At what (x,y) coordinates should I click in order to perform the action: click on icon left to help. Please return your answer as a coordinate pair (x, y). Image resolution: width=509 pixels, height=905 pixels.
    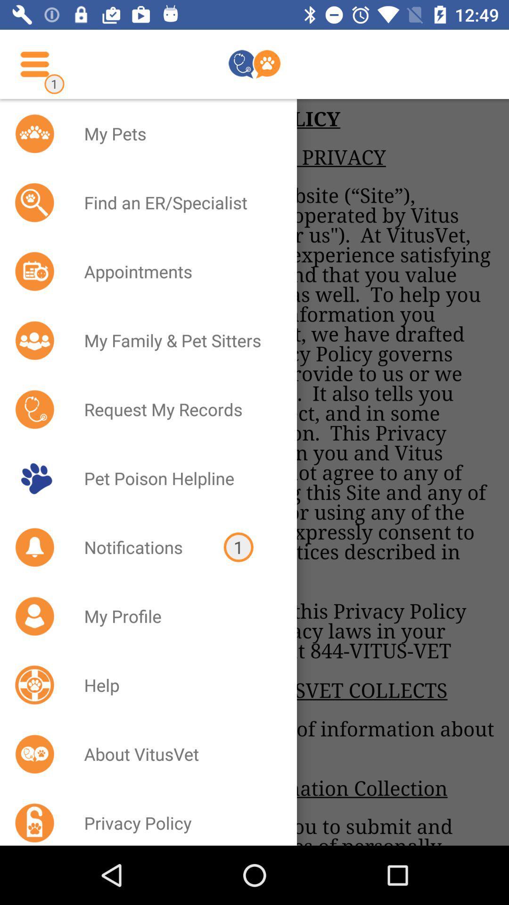
    Looking at the image, I should click on (34, 685).